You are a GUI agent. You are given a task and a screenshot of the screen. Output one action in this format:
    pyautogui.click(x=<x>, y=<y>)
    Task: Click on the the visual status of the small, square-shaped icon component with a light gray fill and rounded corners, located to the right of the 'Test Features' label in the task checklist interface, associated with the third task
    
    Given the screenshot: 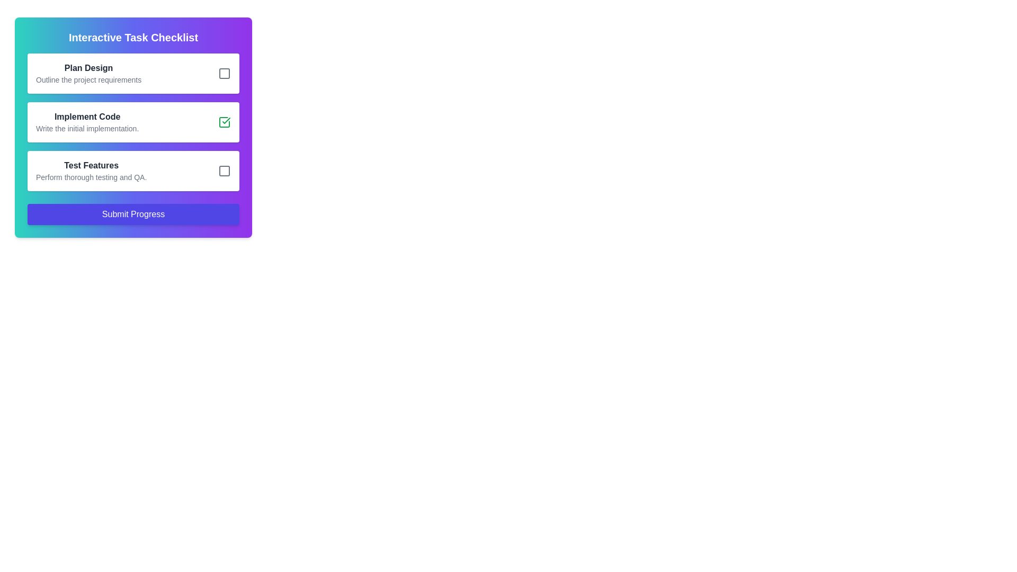 What is the action you would take?
    pyautogui.click(x=224, y=171)
    